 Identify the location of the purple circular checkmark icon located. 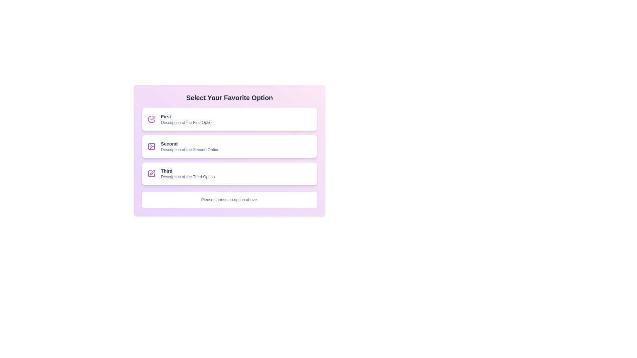
(151, 119).